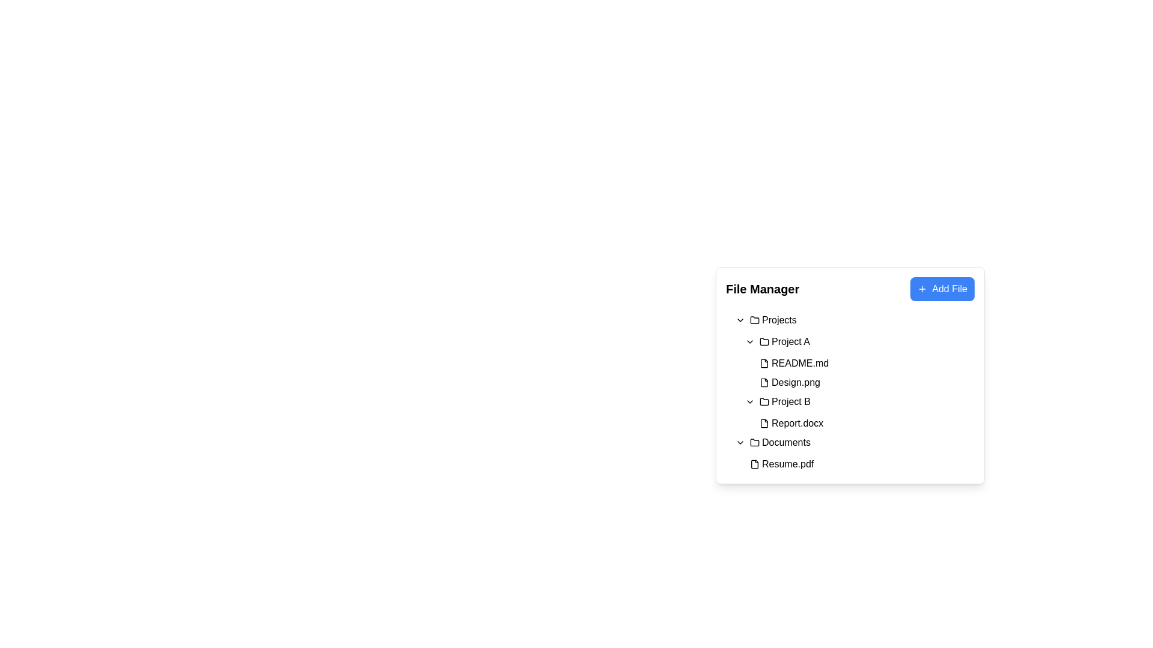 The image size is (1153, 648). I want to click on to select the file entry labeled 'Report.docx' in the 'Project B' folder within the file management interface, so click(859, 422).